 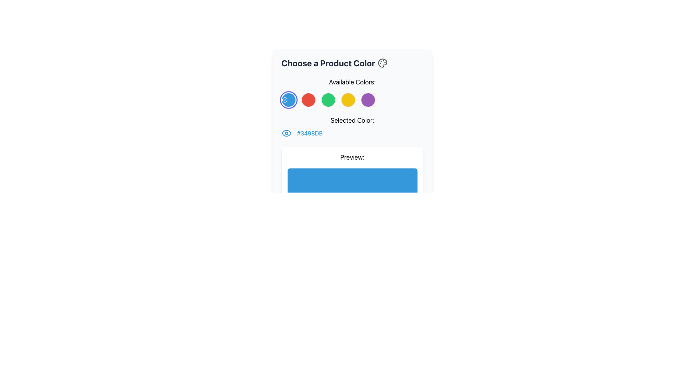 I want to click on the circular palette icon located in the upper-right corner of the 'Choose a Product Color' section, which features four small circles inside and a grayscale color scheme, so click(x=382, y=62).